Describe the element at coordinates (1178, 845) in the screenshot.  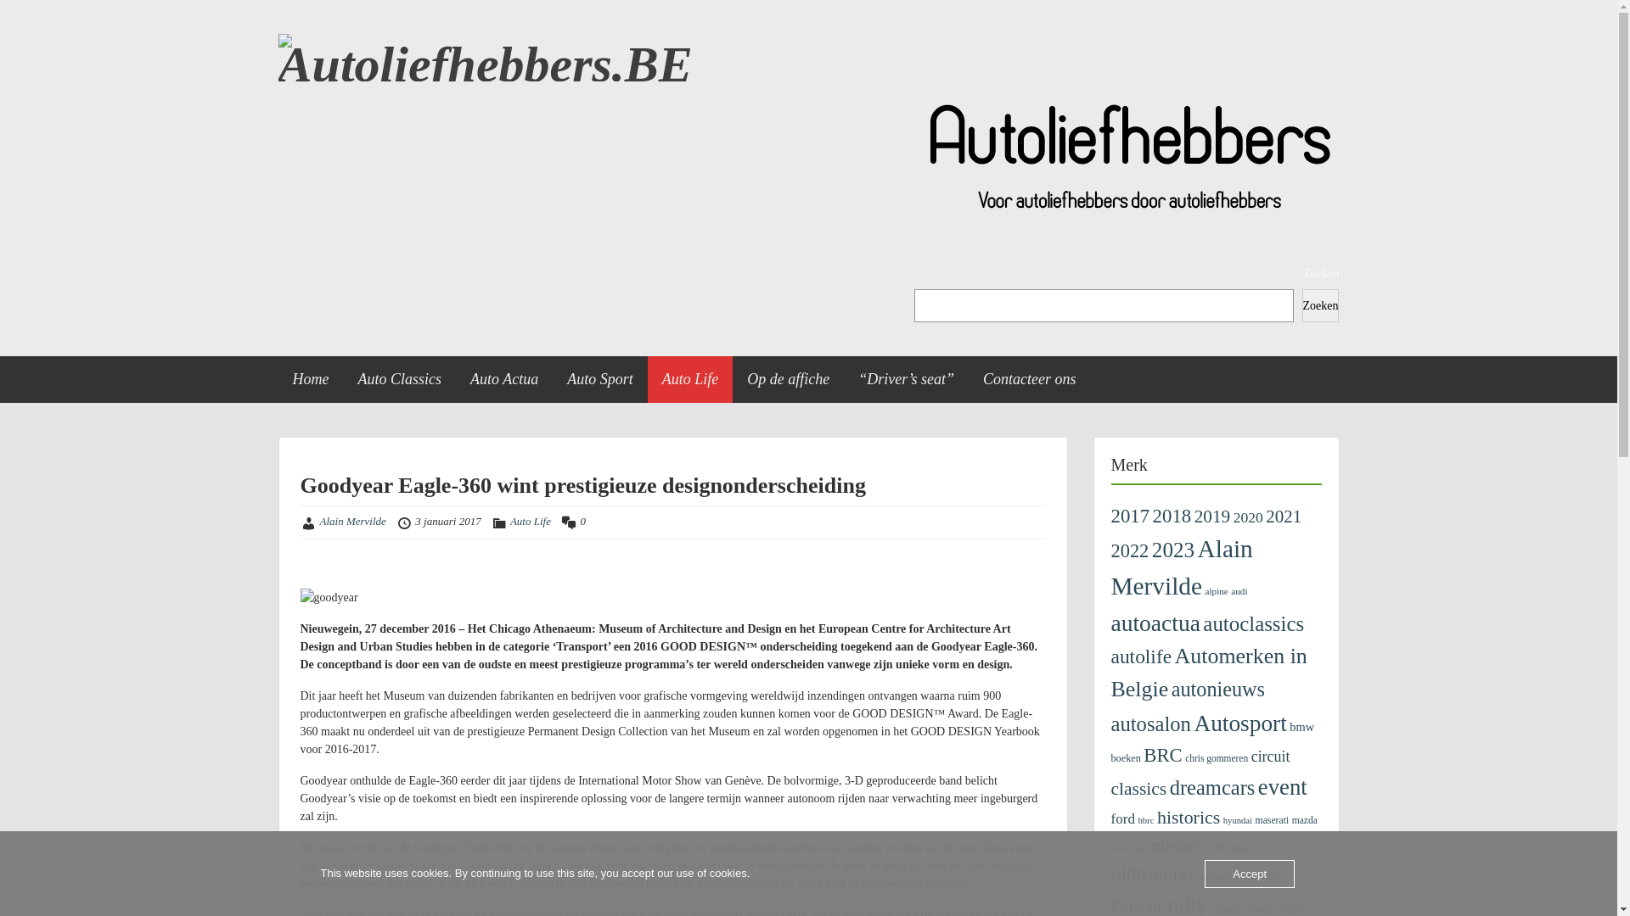
I see `'nieuws.'` at that location.